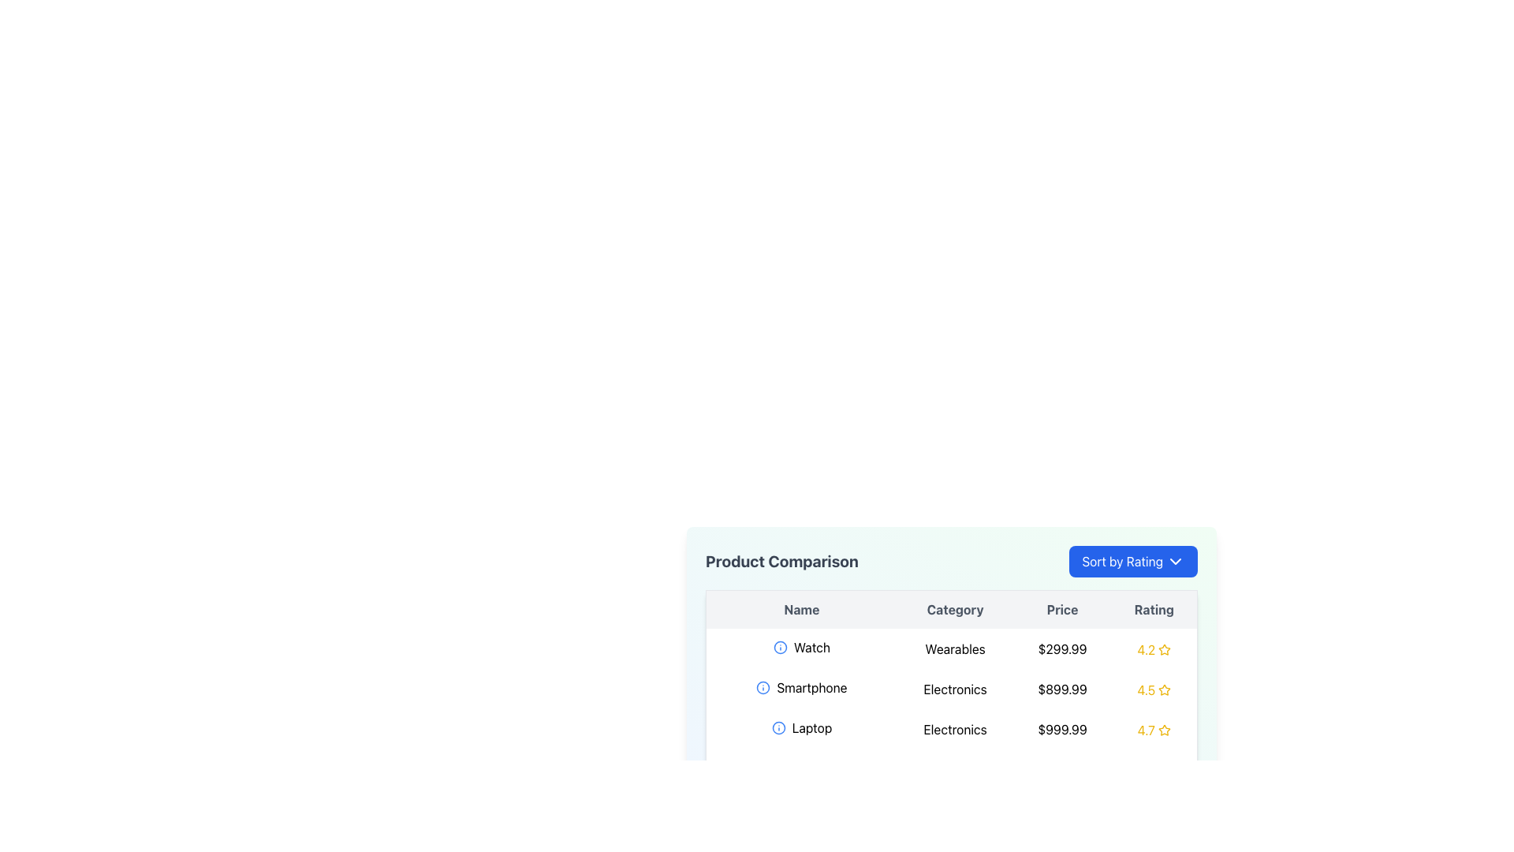 This screenshot has width=1514, height=852. What do you see at coordinates (1165, 689) in the screenshot?
I see `the rating star icon located` at bounding box center [1165, 689].